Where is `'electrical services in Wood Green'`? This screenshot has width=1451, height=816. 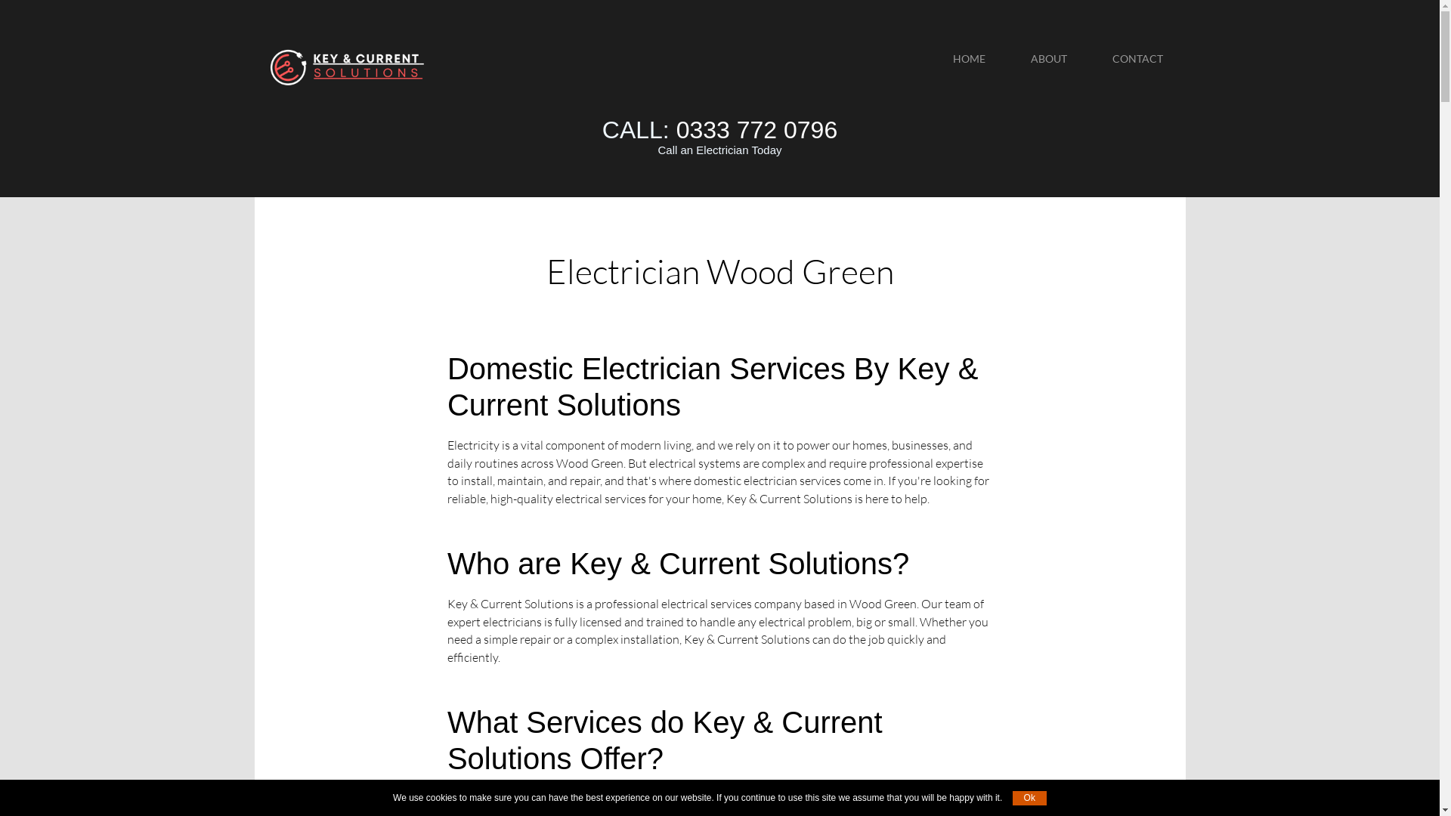 'electrical services in Wood Green' is located at coordinates (738, 799).